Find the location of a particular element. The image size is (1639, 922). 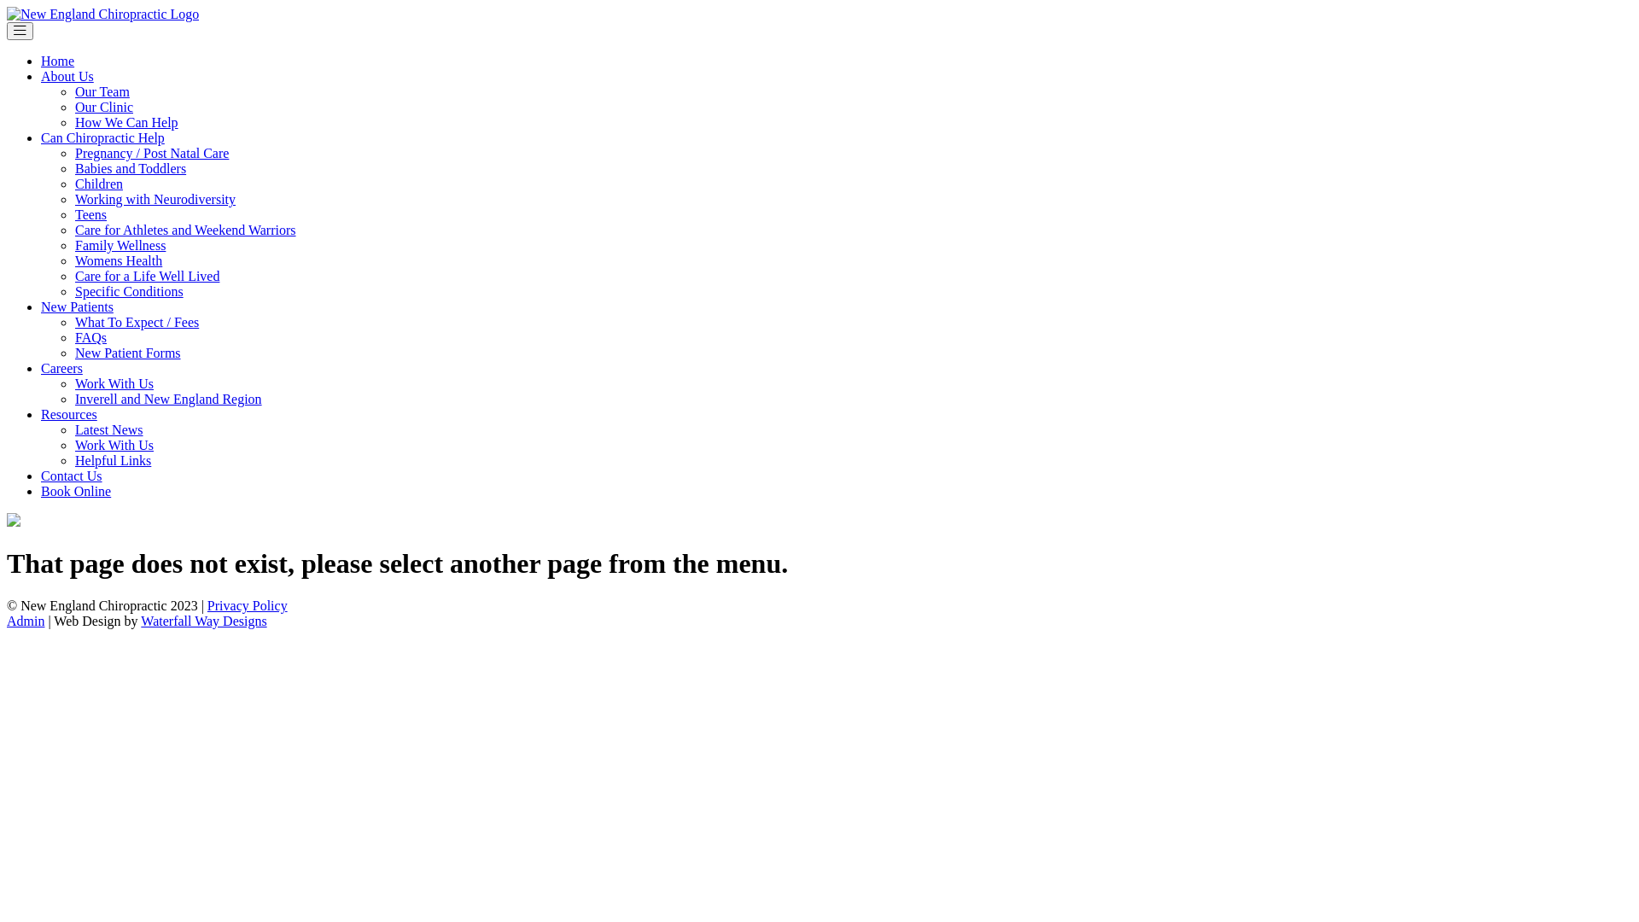

'Pregnancy / Post Natal Care' is located at coordinates (73, 152).